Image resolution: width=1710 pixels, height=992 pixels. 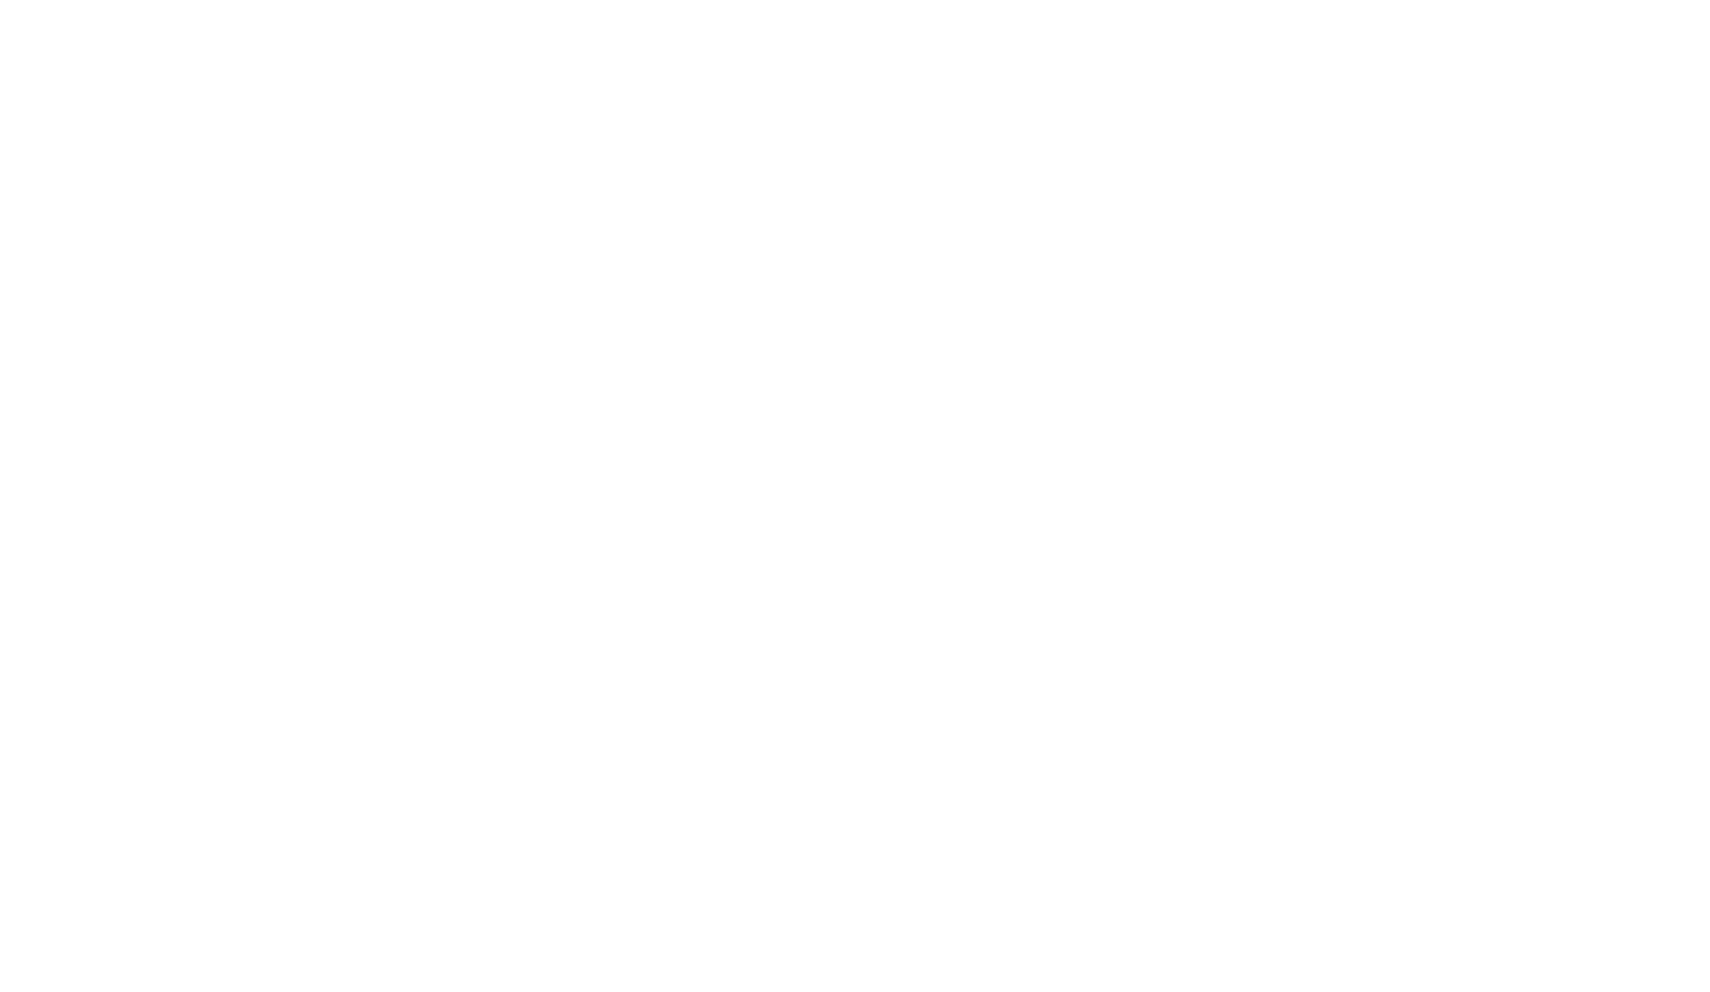 What do you see at coordinates (1297, 558) in the screenshot?
I see `'France'` at bounding box center [1297, 558].